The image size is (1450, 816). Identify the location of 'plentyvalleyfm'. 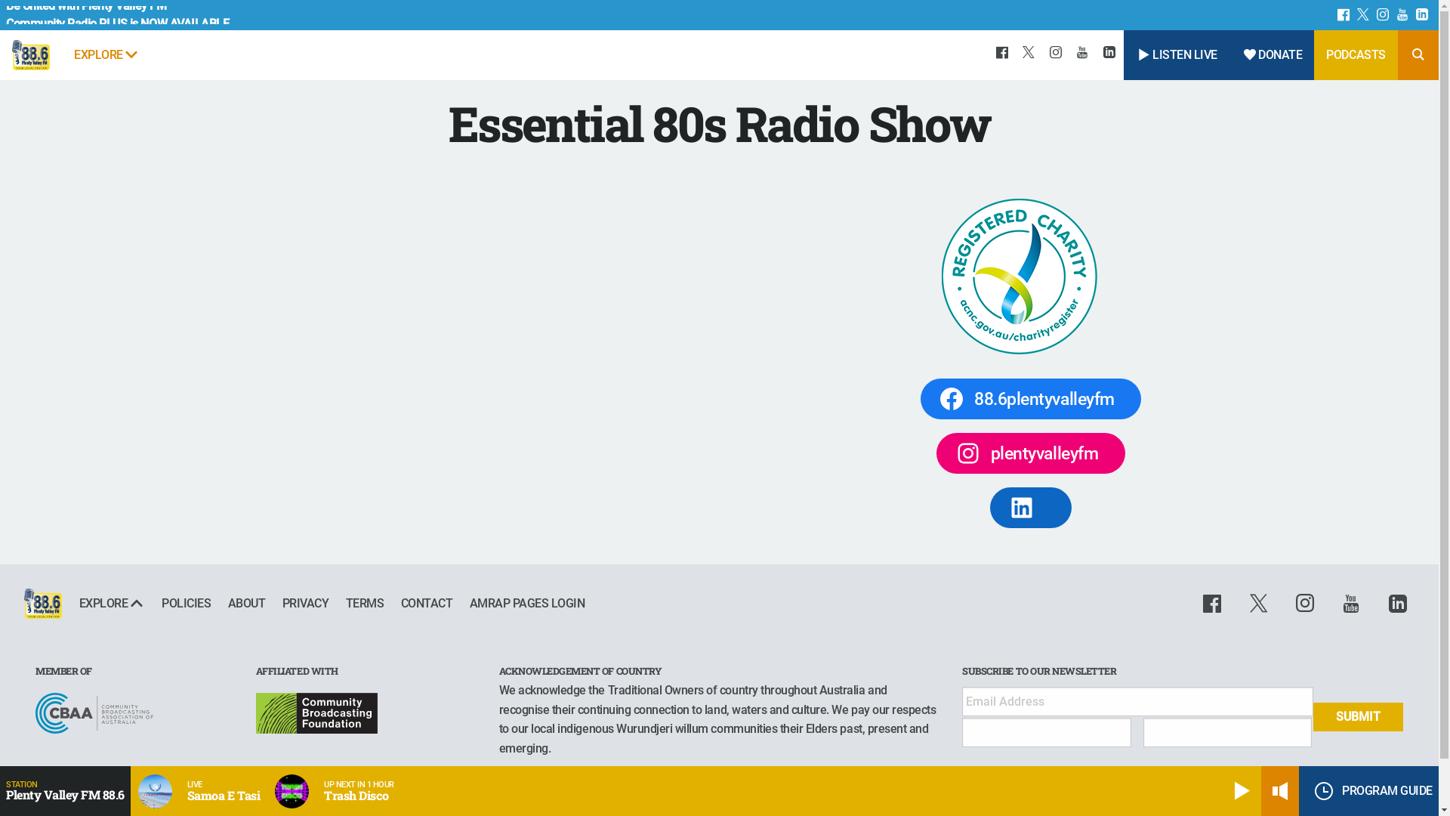
(935, 453).